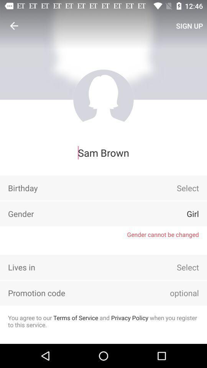 The image size is (207, 368). What do you see at coordinates (174, 292) in the screenshot?
I see `icon to the right of the promotion code` at bounding box center [174, 292].